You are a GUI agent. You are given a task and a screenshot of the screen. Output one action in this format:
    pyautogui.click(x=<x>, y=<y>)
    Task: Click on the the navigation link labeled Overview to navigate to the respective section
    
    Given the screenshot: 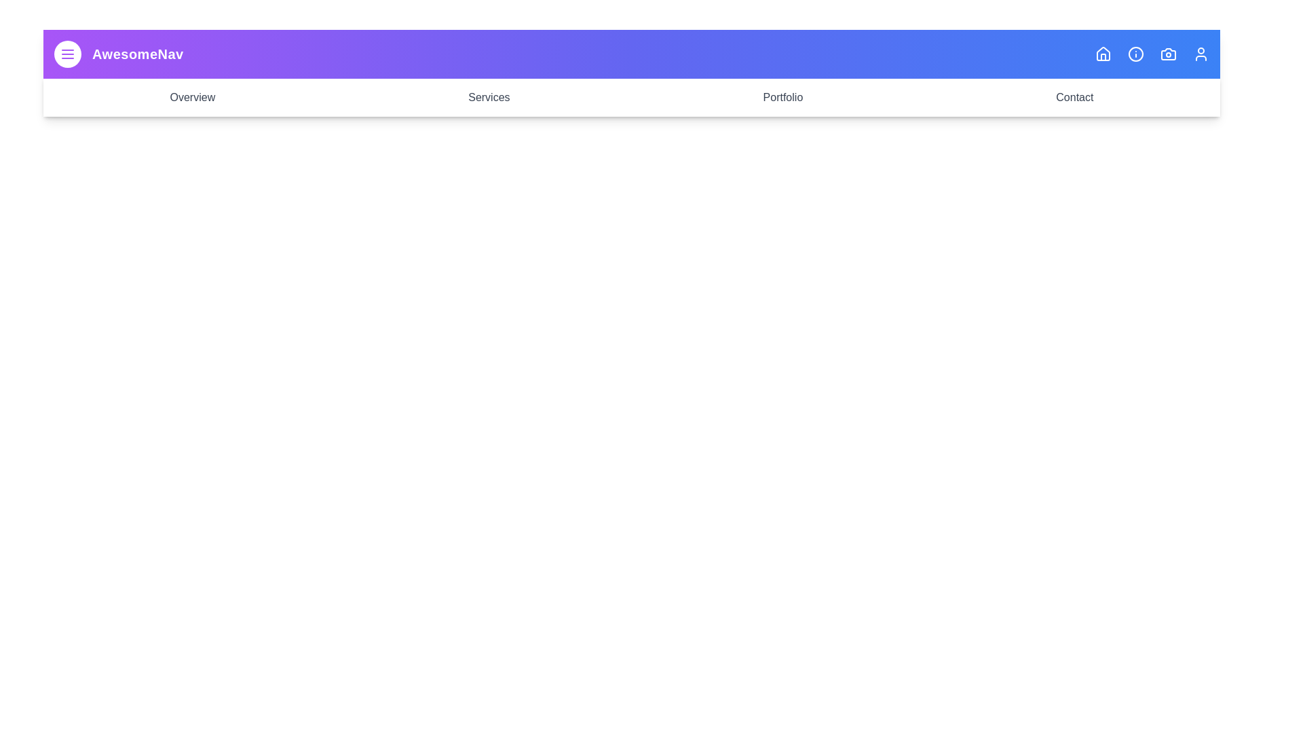 What is the action you would take?
    pyautogui.click(x=191, y=96)
    